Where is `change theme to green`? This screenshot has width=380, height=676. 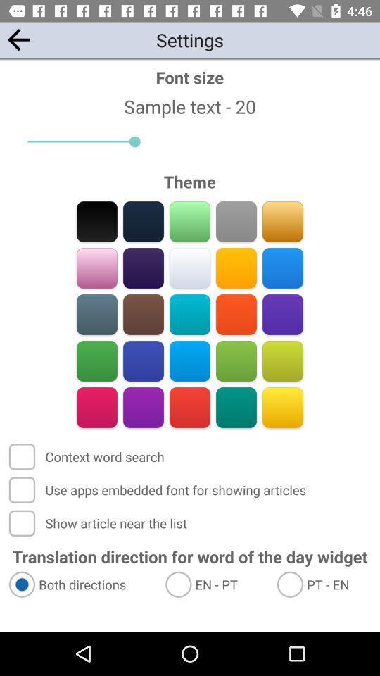 change theme to green is located at coordinates (96, 361).